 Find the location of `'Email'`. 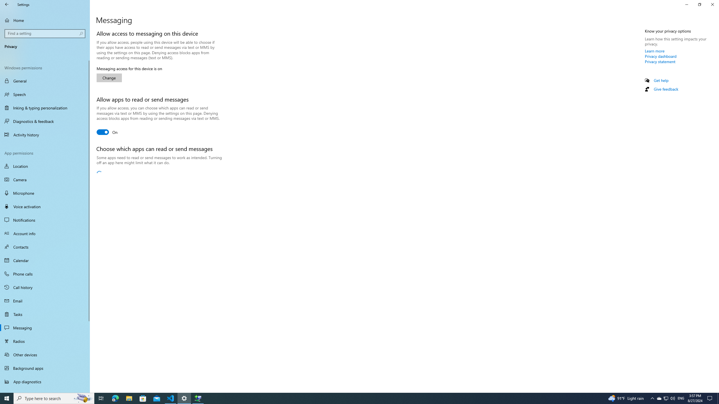

'Email' is located at coordinates (45, 301).